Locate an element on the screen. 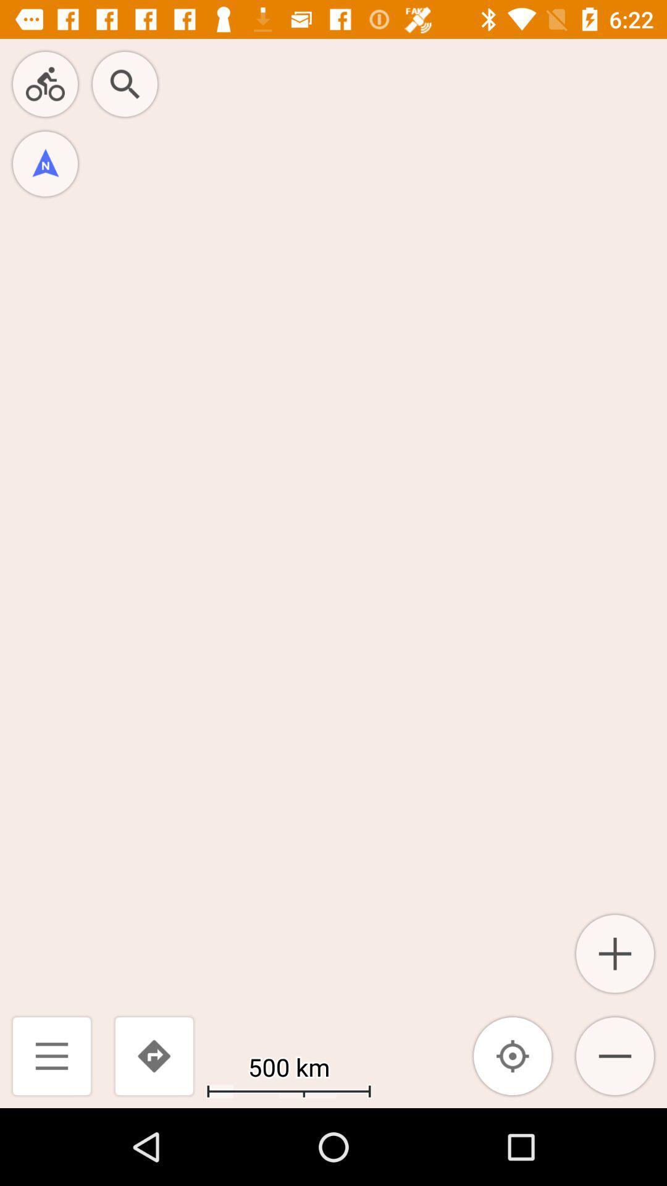  the icon next to the 500 km icon is located at coordinates (153, 1055).